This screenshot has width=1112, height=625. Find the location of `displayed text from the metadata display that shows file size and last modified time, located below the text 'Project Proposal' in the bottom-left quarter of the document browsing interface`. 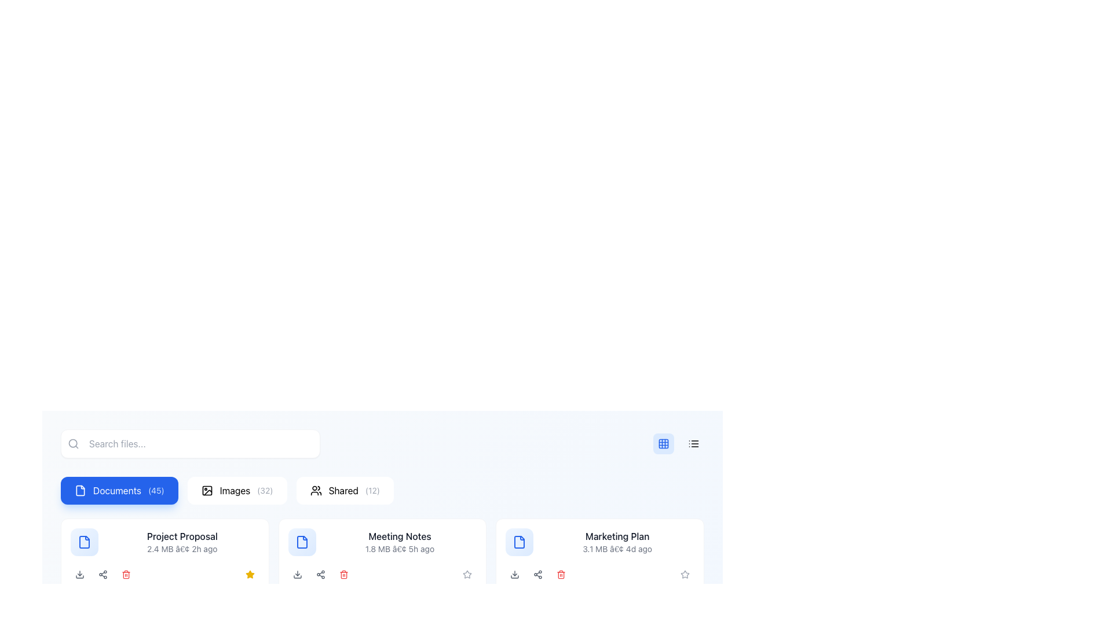

displayed text from the metadata display that shows file size and last modified time, located below the text 'Project Proposal' in the bottom-left quarter of the document browsing interface is located at coordinates (181, 548).